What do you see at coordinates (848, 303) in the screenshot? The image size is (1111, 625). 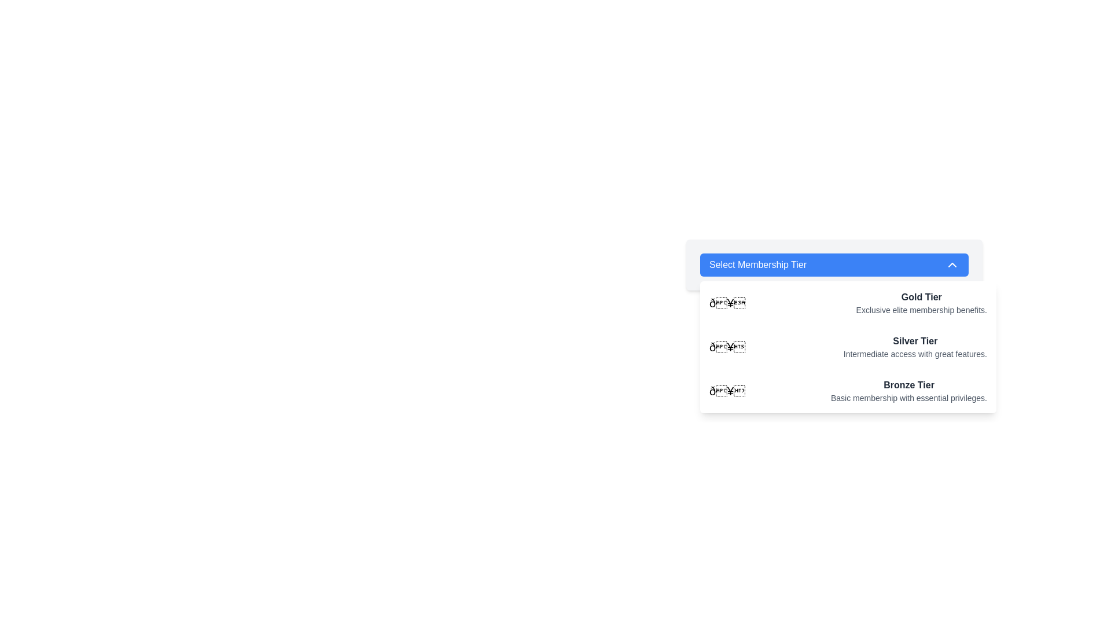 I see `the 'Gold Tier' membership option in the dropdown menu, which is the first item in the list below the 'Select Membership Tier' button` at bounding box center [848, 303].